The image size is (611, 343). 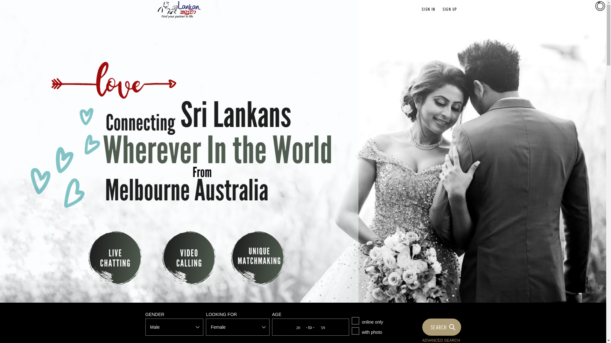 I want to click on 'SIGN UP', so click(x=442, y=9).